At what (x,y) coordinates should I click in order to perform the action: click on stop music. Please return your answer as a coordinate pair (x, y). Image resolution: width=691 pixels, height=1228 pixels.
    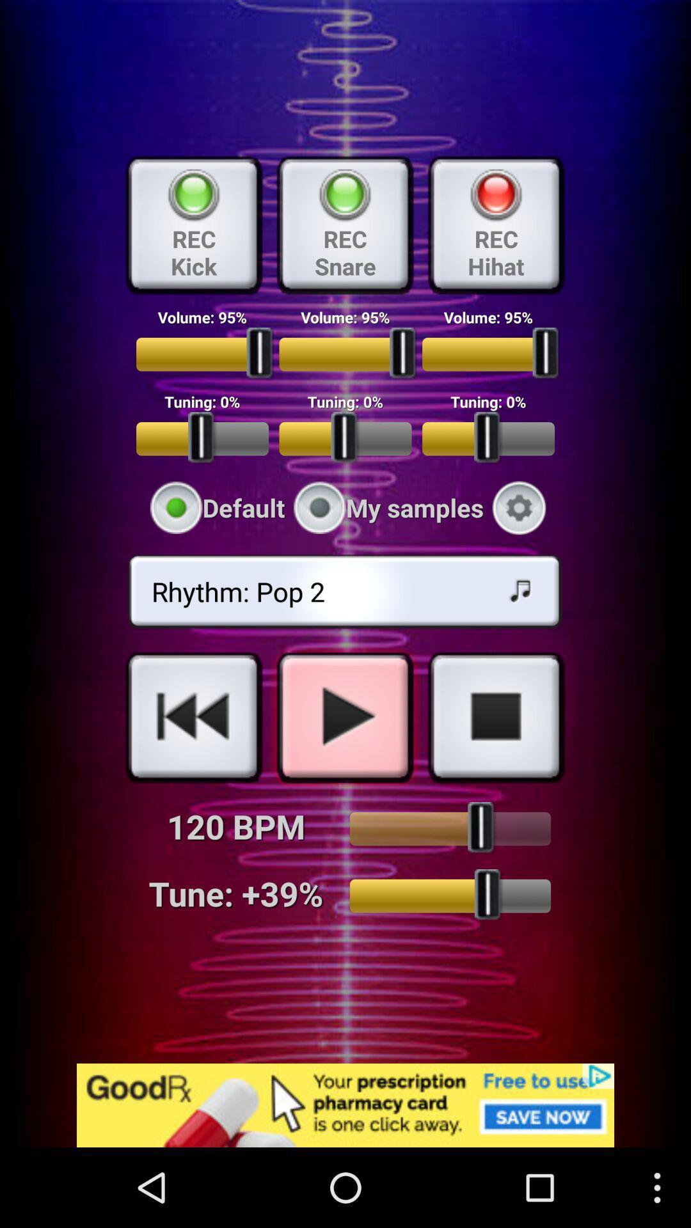
    Looking at the image, I should click on (495, 717).